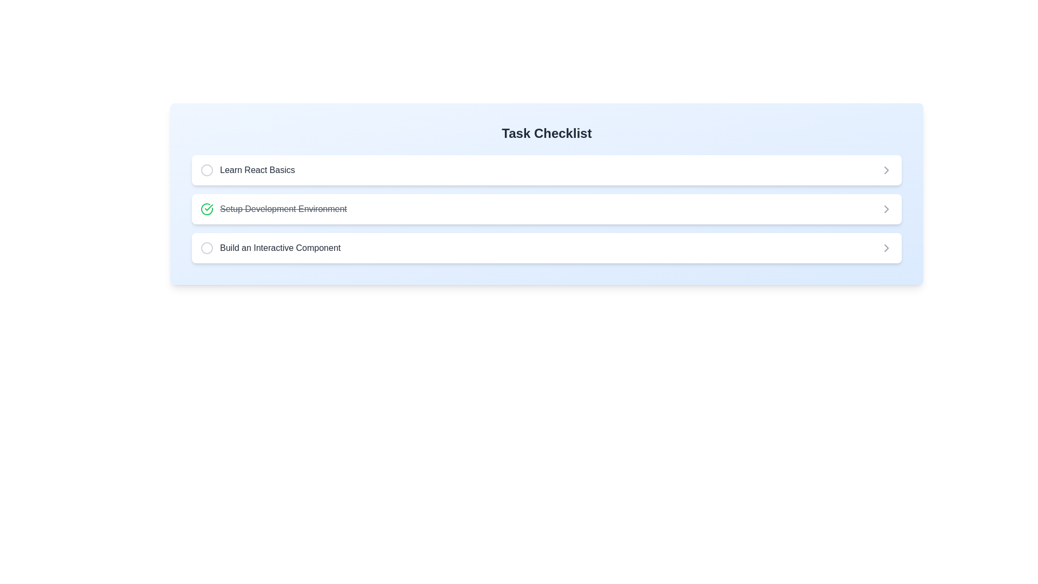 The height and width of the screenshot is (584, 1038). Describe the element at coordinates (207, 170) in the screenshot. I see `the Circle Icon styled with a gray outline, located to the left of the text 'Learn React Basics'` at that location.